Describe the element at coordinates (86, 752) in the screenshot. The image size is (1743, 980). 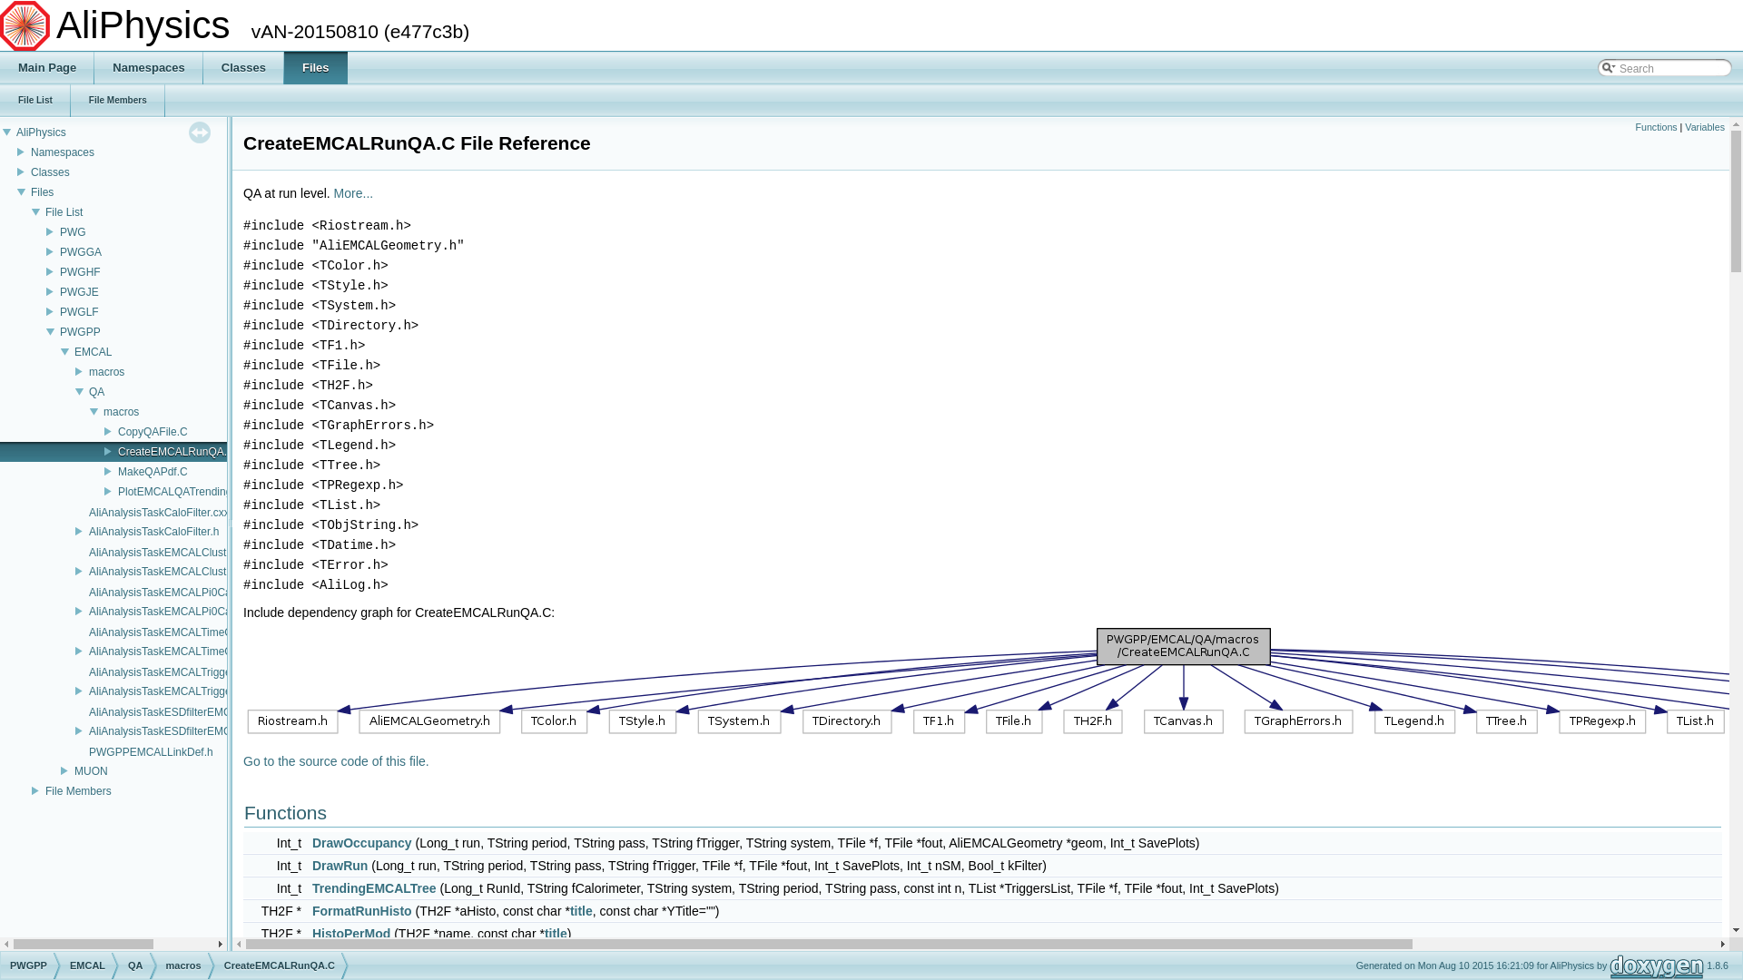
I see `'PWGPPEMCALLinkDef.h'` at that location.